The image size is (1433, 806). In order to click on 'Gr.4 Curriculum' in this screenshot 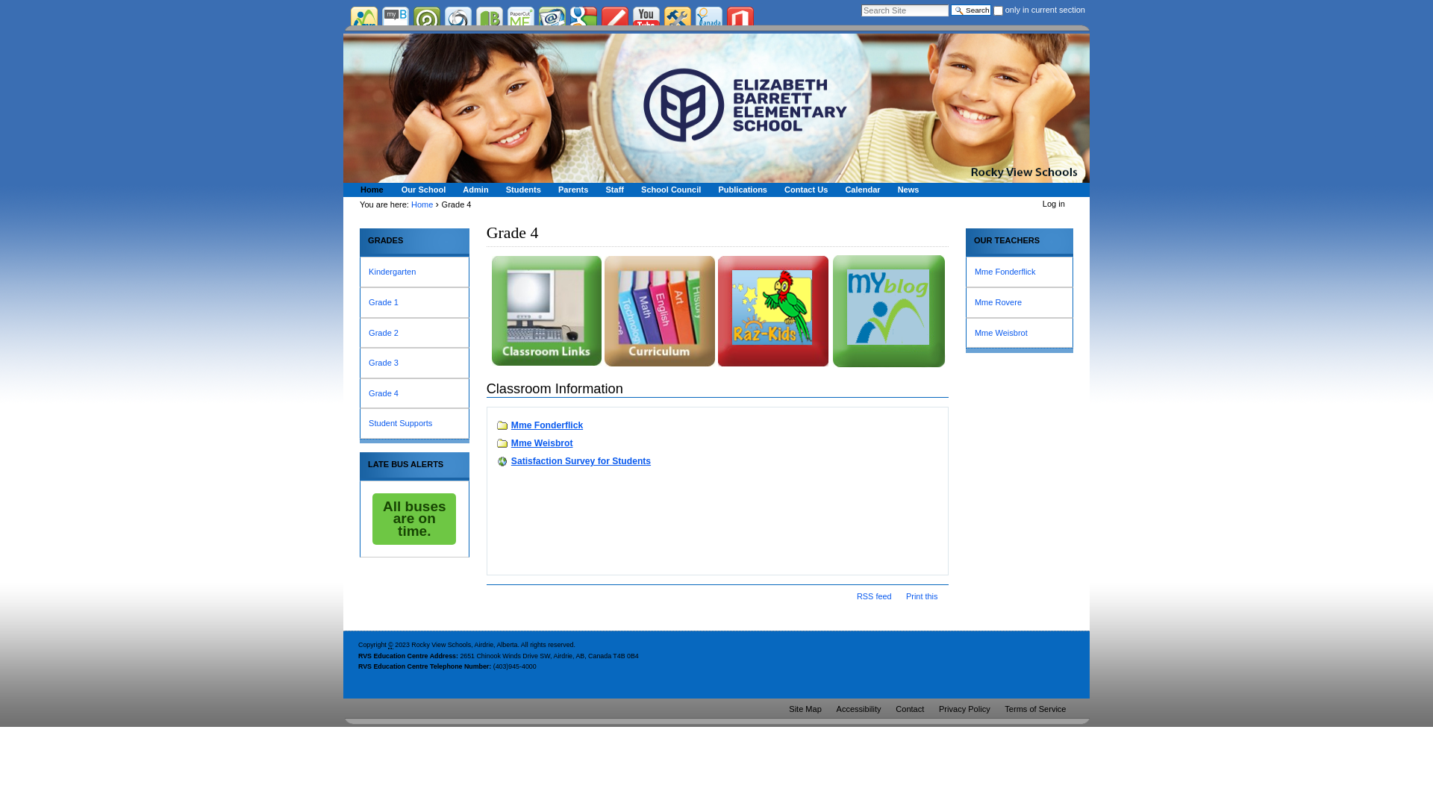, I will do `click(658, 310)`.